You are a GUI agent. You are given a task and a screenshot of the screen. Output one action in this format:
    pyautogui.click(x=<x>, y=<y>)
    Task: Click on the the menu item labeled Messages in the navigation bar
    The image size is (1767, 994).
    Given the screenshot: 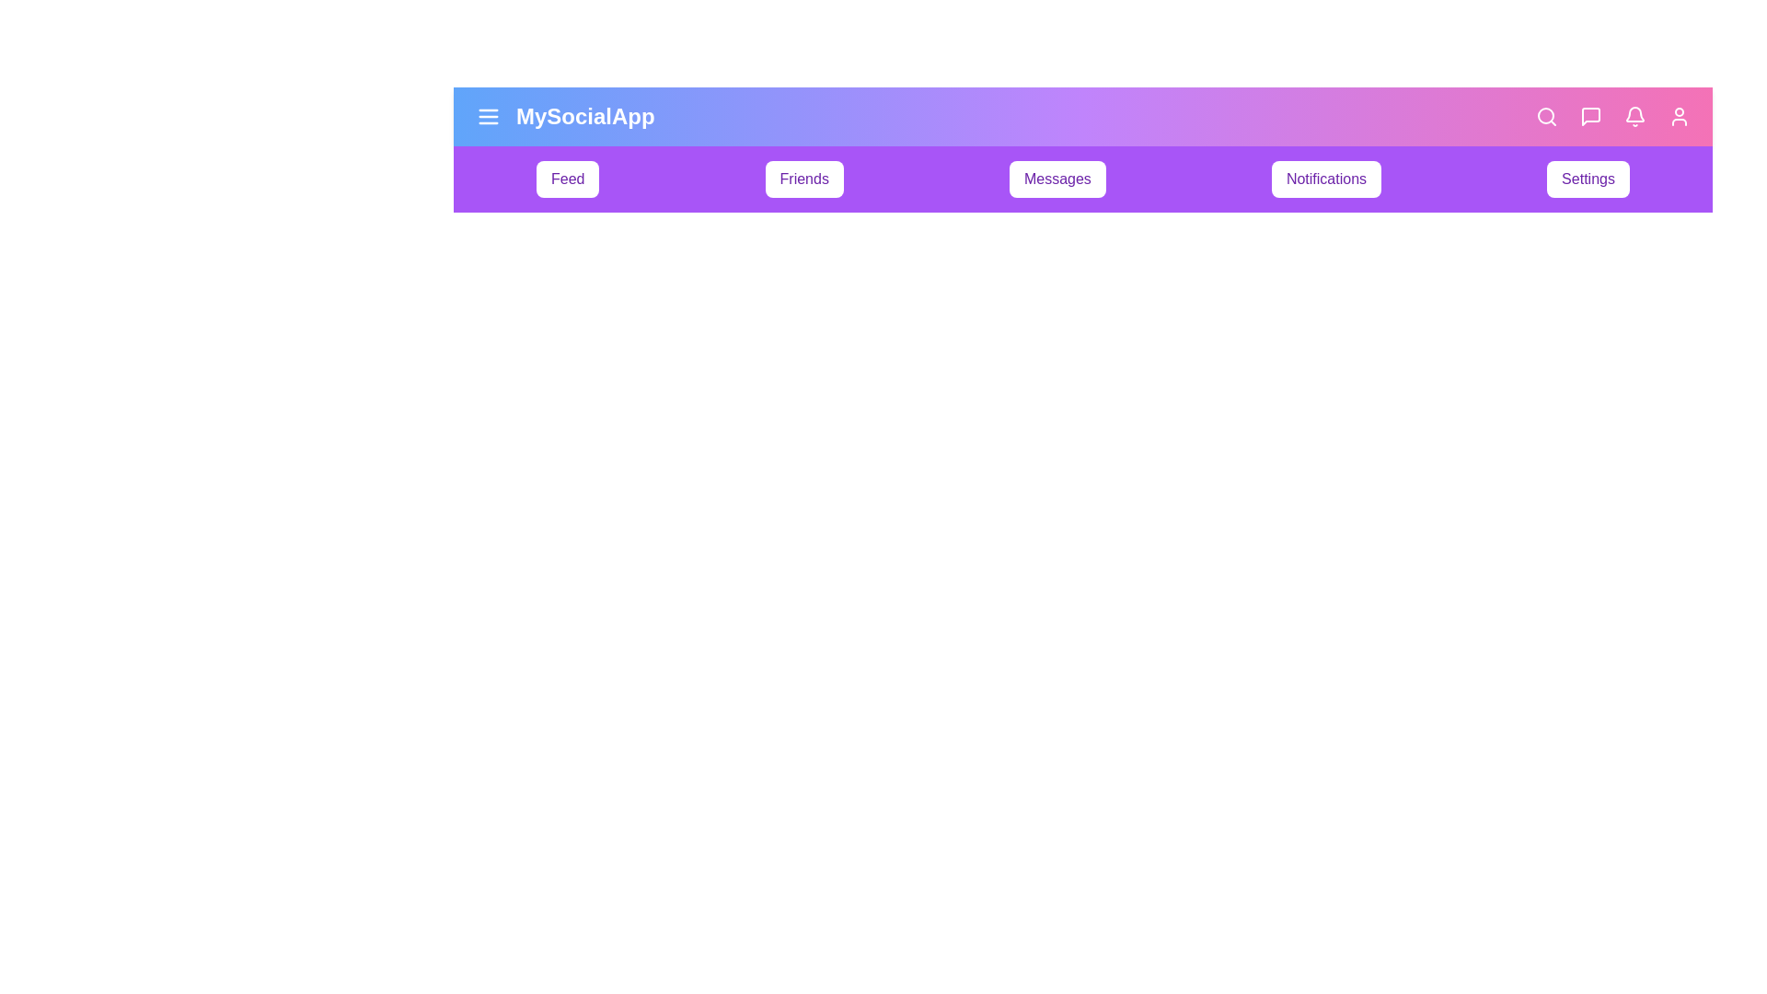 What is the action you would take?
    pyautogui.click(x=1057, y=179)
    